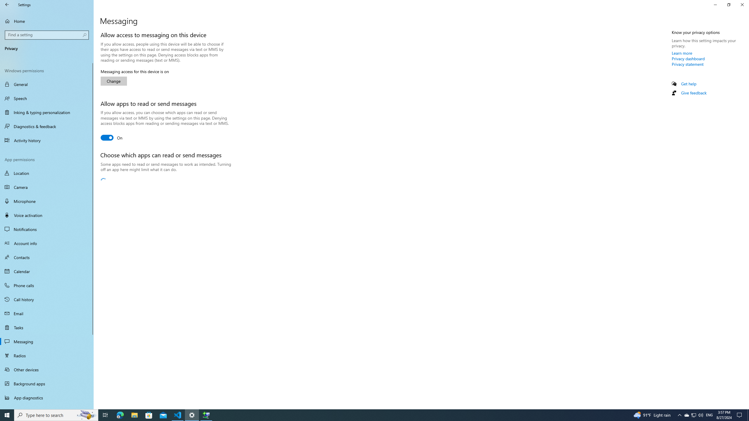  I want to click on 'Change', so click(114, 81).